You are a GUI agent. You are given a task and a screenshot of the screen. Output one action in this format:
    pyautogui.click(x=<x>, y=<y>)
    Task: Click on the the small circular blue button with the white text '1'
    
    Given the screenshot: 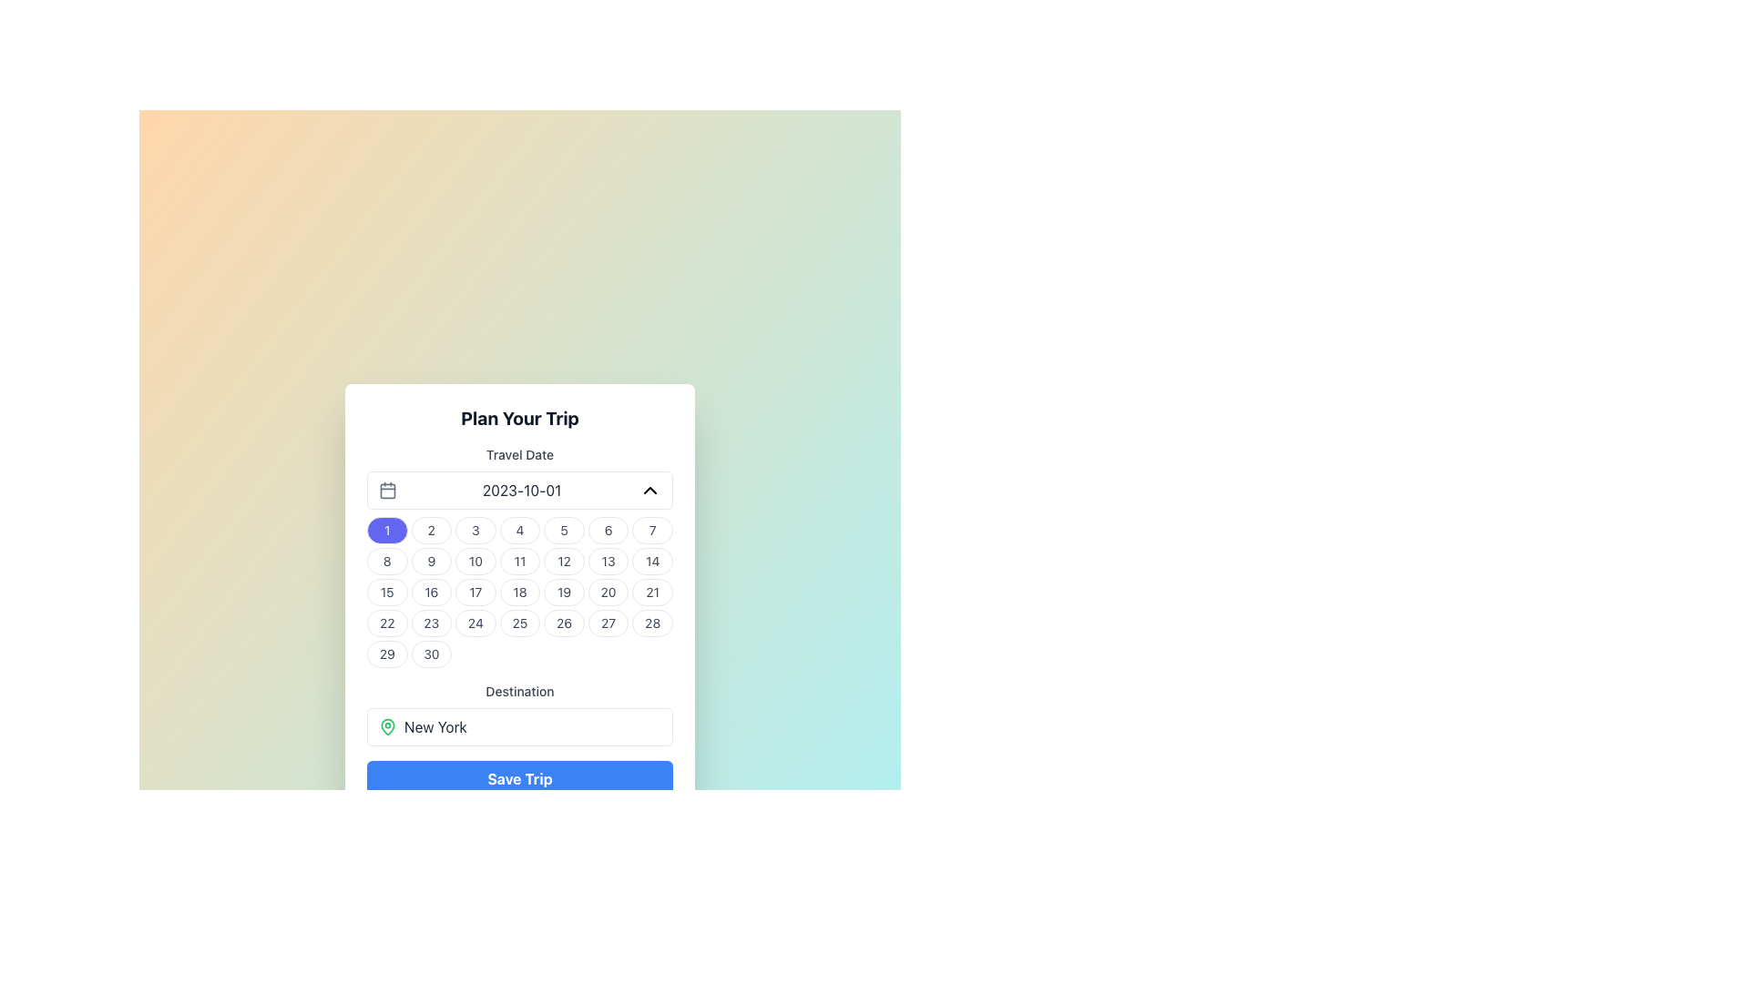 What is the action you would take?
    pyautogui.click(x=386, y=530)
    